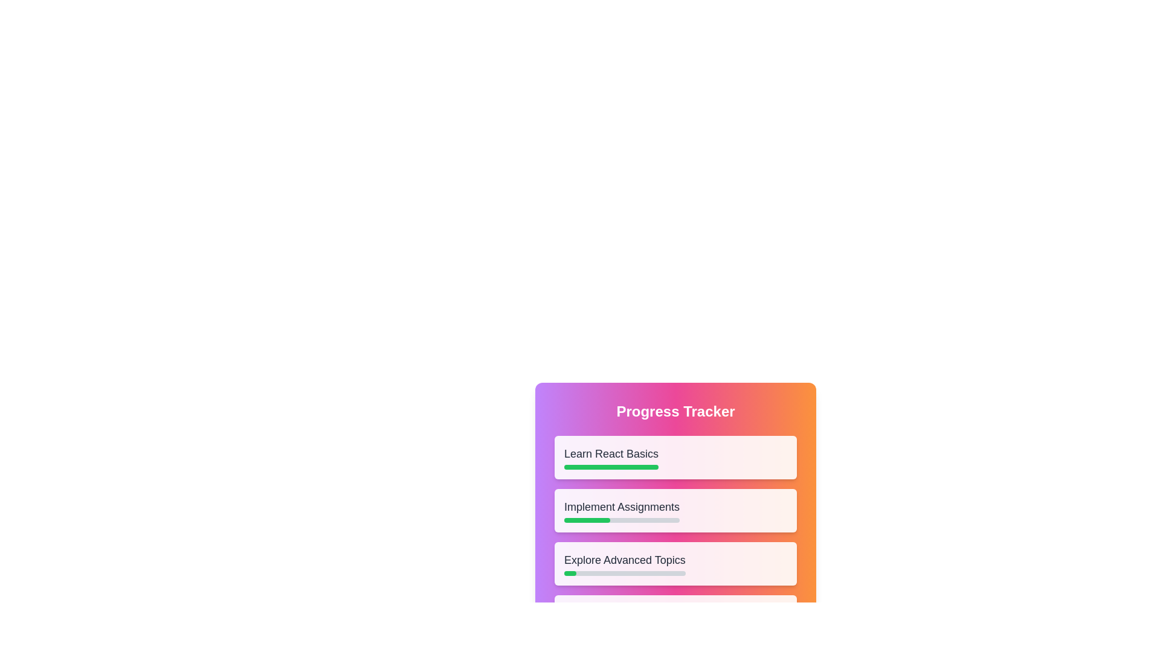 This screenshot has height=652, width=1160. Describe the element at coordinates (675, 510) in the screenshot. I see `the task Implement Assignments to open the context menu` at that location.